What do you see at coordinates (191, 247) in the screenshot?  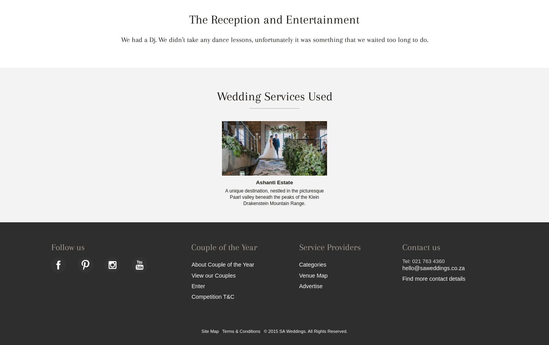 I see `'Couple of the Year'` at bounding box center [191, 247].